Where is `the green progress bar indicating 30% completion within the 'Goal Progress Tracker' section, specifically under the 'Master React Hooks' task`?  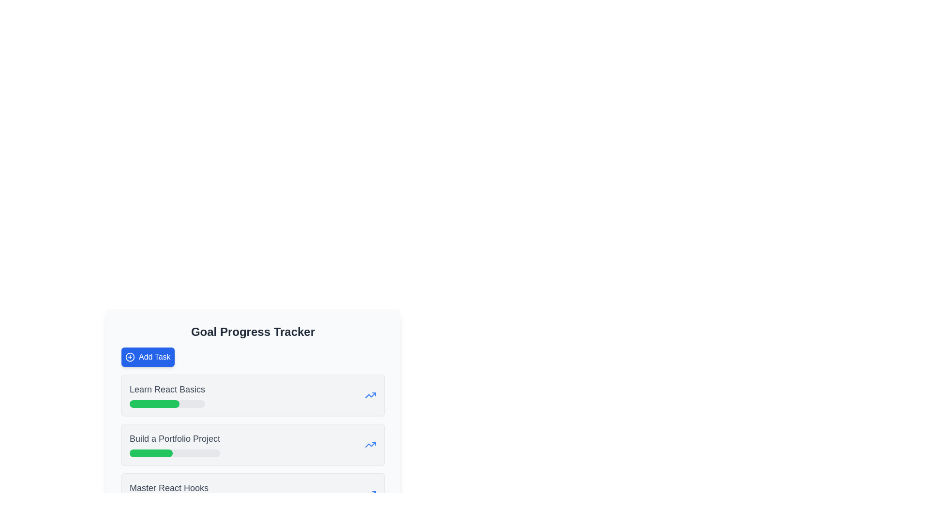 the green progress bar indicating 30% completion within the 'Goal Progress Tracker' section, specifically under the 'Master React Hooks' task is located at coordinates (141, 502).